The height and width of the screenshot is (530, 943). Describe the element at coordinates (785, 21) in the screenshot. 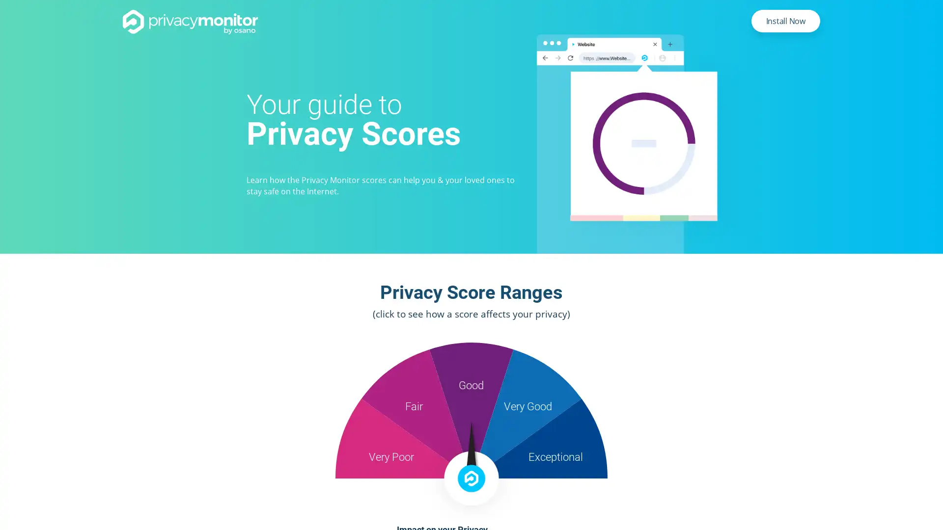

I see `Install Now` at that location.